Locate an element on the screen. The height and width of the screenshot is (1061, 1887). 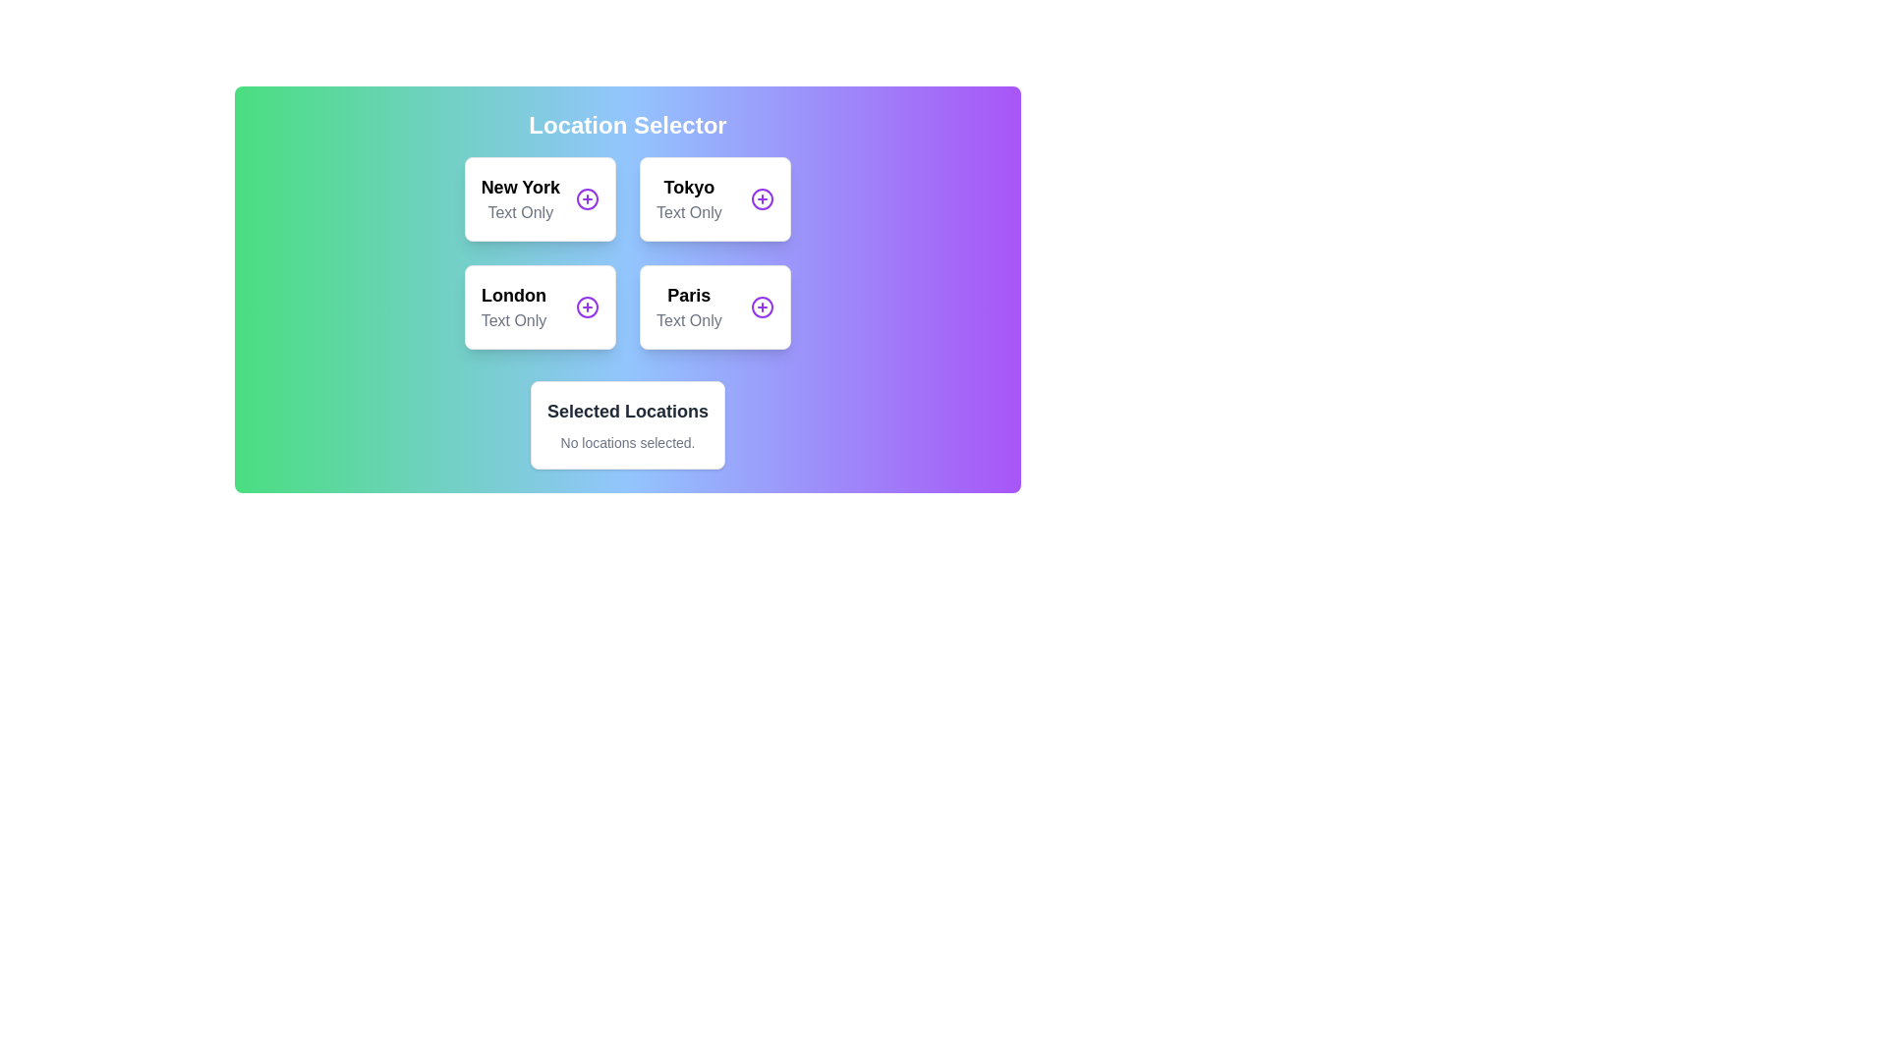
the selectable option labeled 'Paris', which is a Button-like card component positioned in the bottom-right corner of the grid layout is located at coordinates (715, 307).